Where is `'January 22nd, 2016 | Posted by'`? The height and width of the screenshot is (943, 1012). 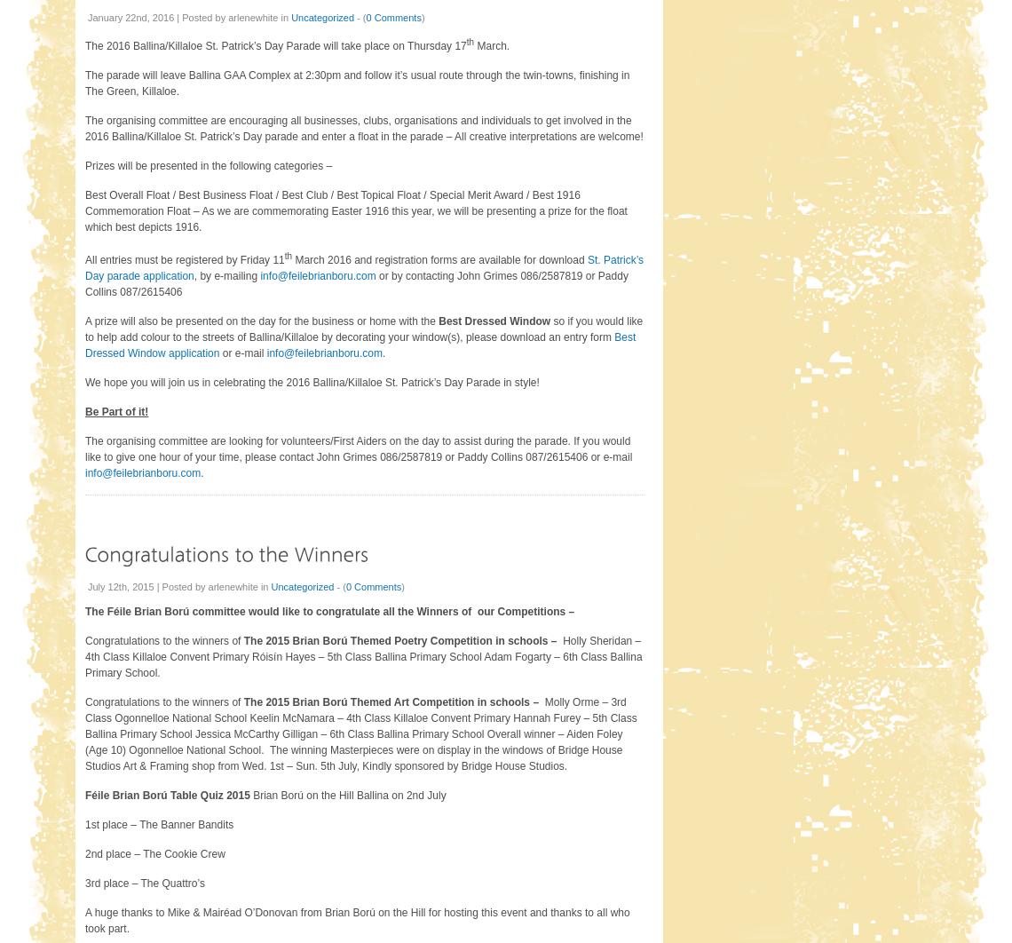 'January 22nd, 2016 | Posted by' is located at coordinates (157, 17).